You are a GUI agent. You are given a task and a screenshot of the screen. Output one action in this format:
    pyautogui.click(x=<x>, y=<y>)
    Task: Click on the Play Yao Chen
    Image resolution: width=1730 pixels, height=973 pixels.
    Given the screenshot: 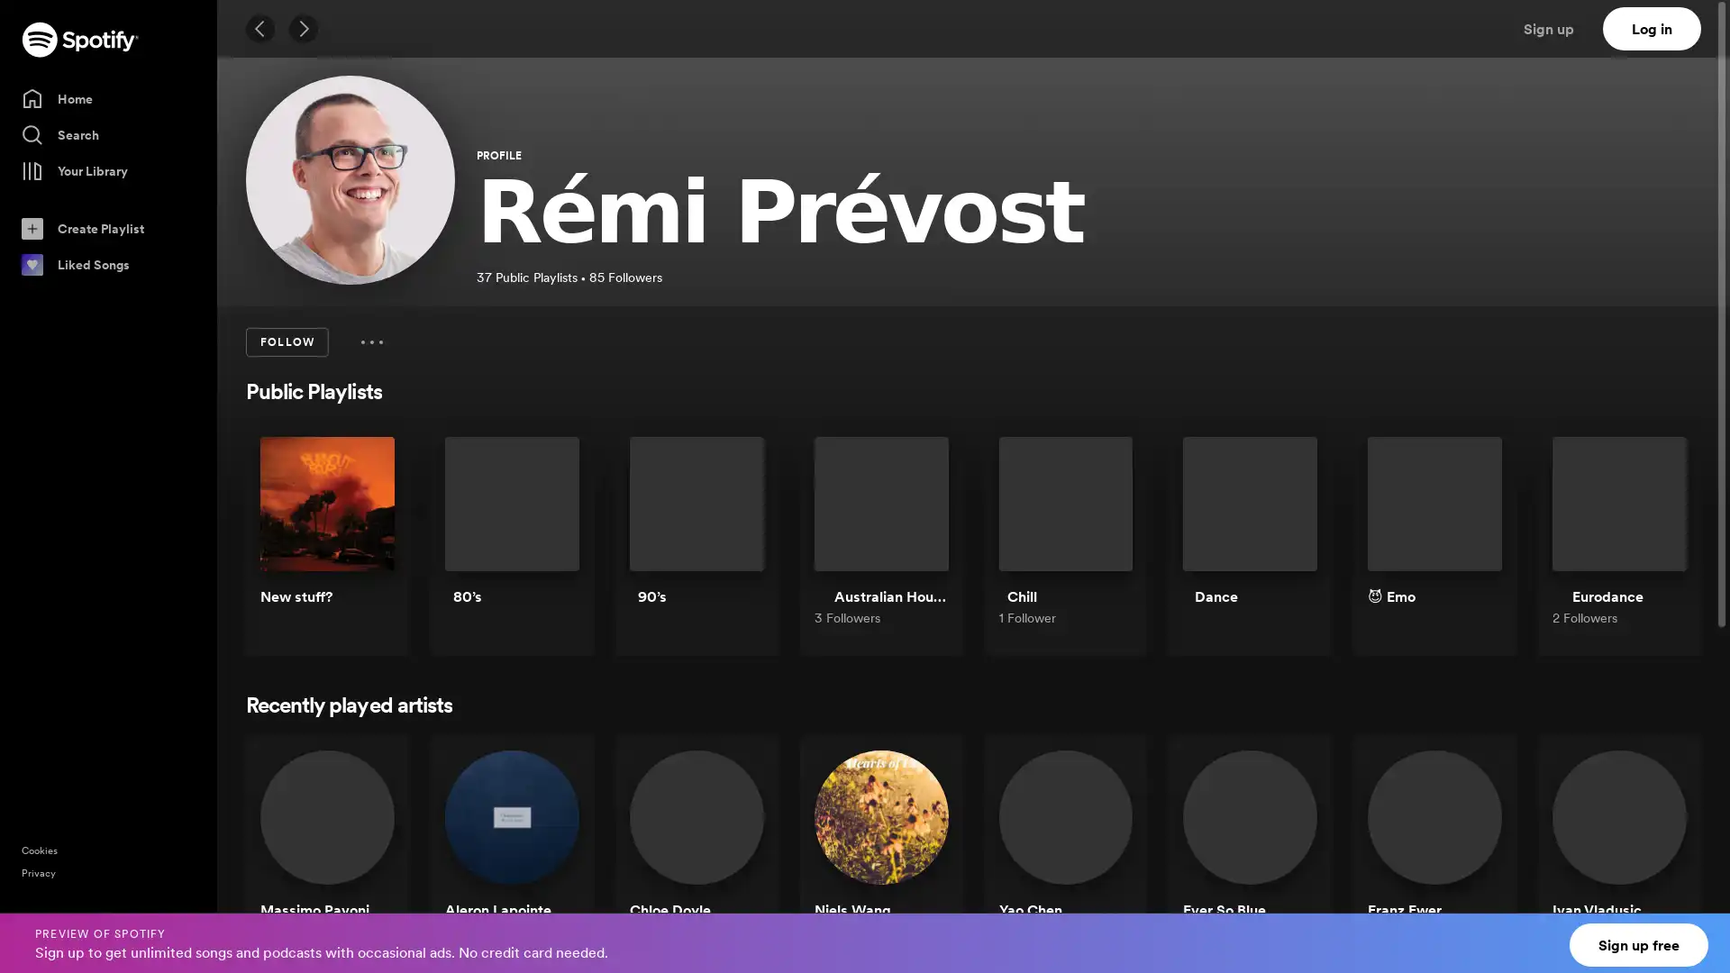 What is the action you would take?
    pyautogui.click(x=1102, y=860)
    